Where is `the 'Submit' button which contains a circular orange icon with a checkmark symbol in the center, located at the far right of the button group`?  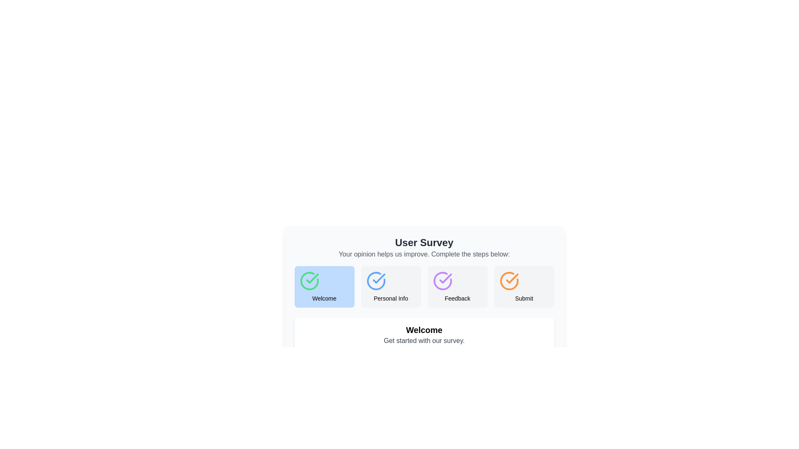
the 'Submit' button which contains a circular orange icon with a checkmark symbol in the center, located at the far right of the button group is located at coordinates (509, 281).